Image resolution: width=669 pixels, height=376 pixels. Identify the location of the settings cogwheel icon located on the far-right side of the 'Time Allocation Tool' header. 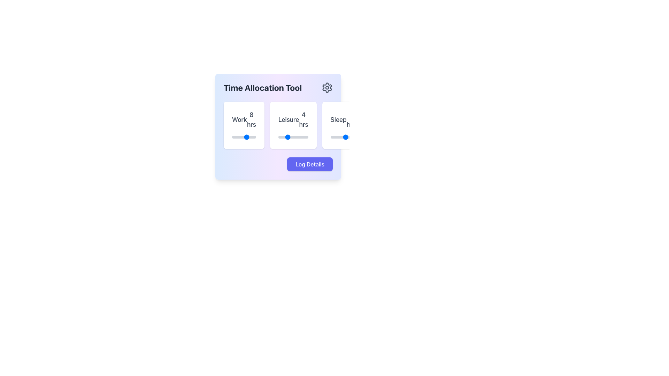
(327, 87).